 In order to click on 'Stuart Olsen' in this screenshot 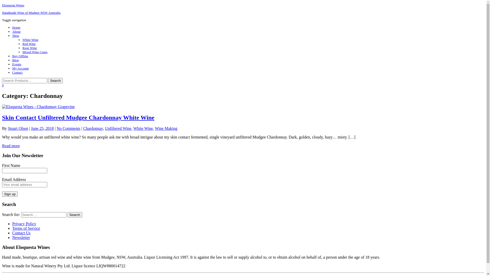, I will do `click(18, 128)`.